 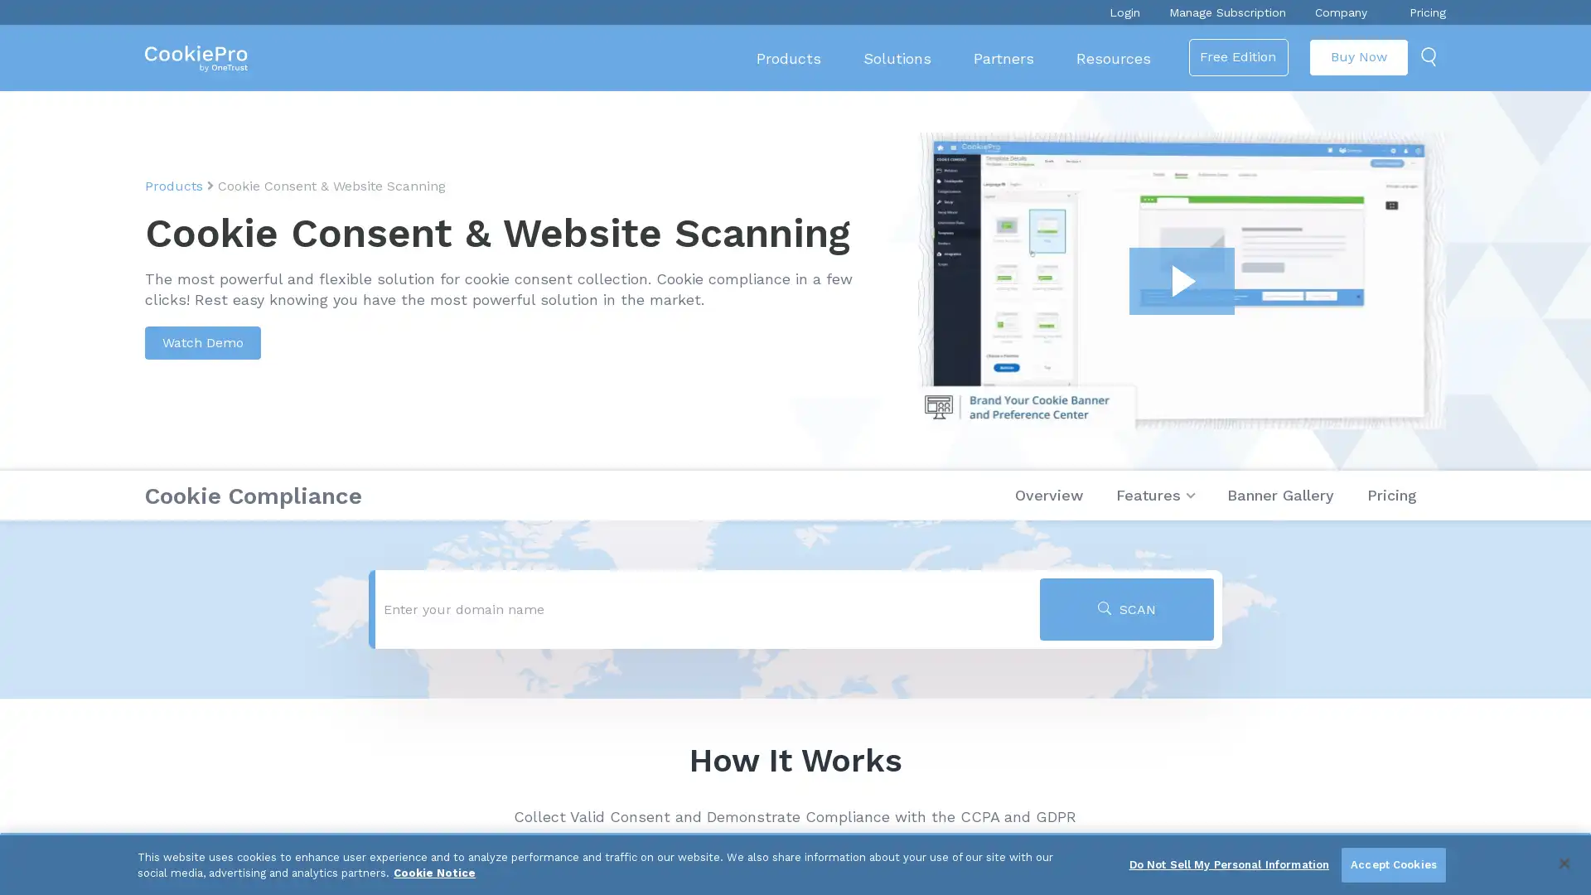 What do you see at coordinates (1126, 609) in the screenshot?
I see `USCAN` at bounding box center [1126, 609].